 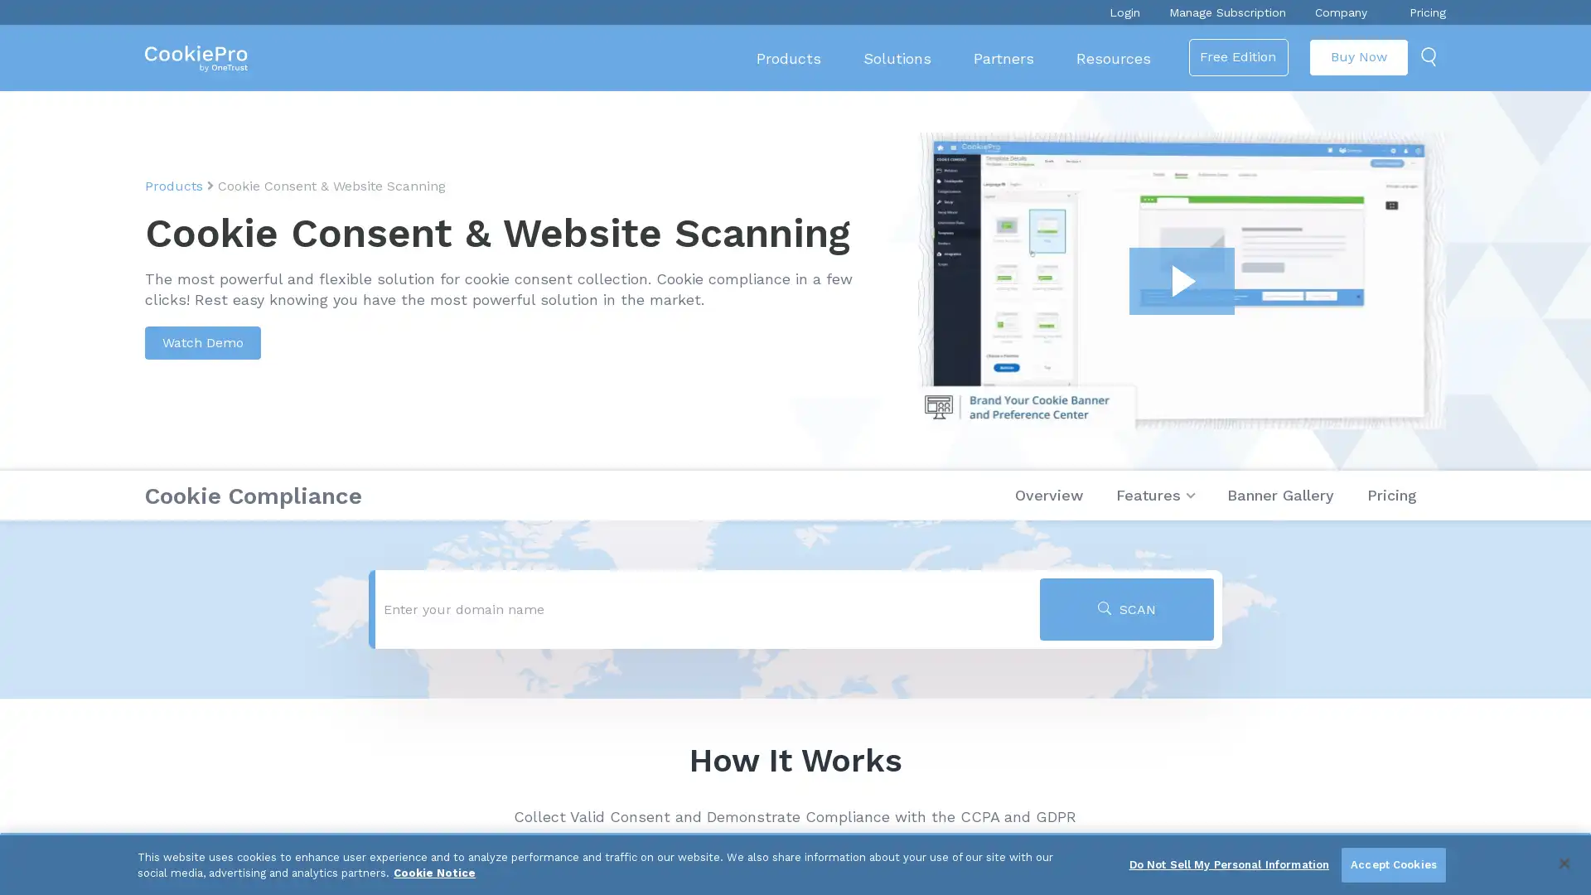 What do you see at coordinates (1126, 609) in the screenshot?
I see `USCAN` at bounding box center [1126, 609].